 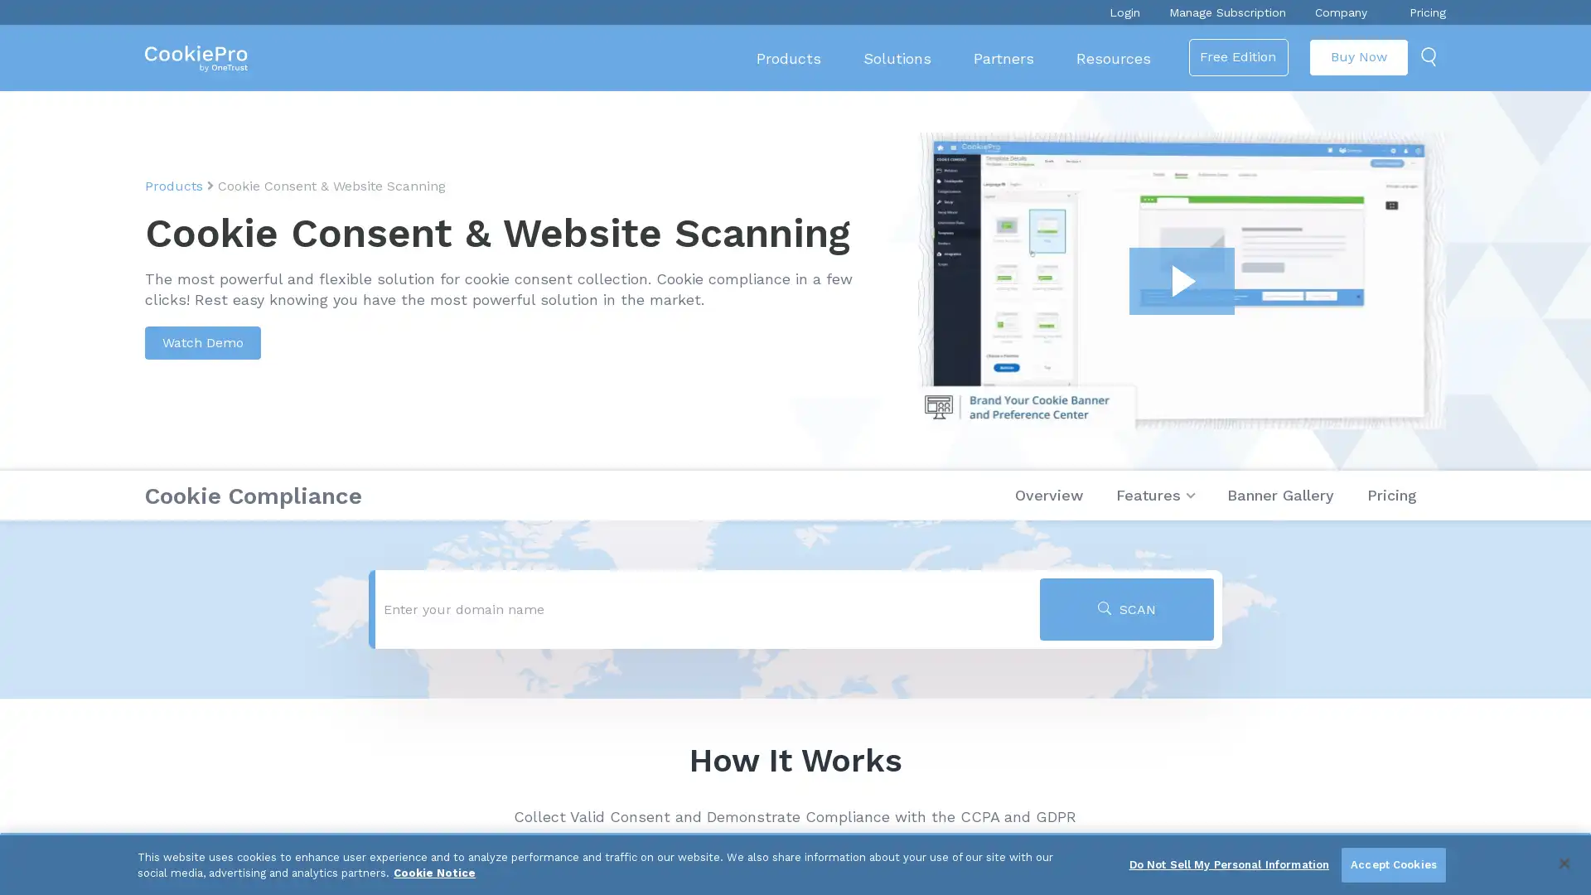 What do you see at coordinates (1126, 609) in the screenshot?
I see `USCAN` at bounding box center [1126, 609].